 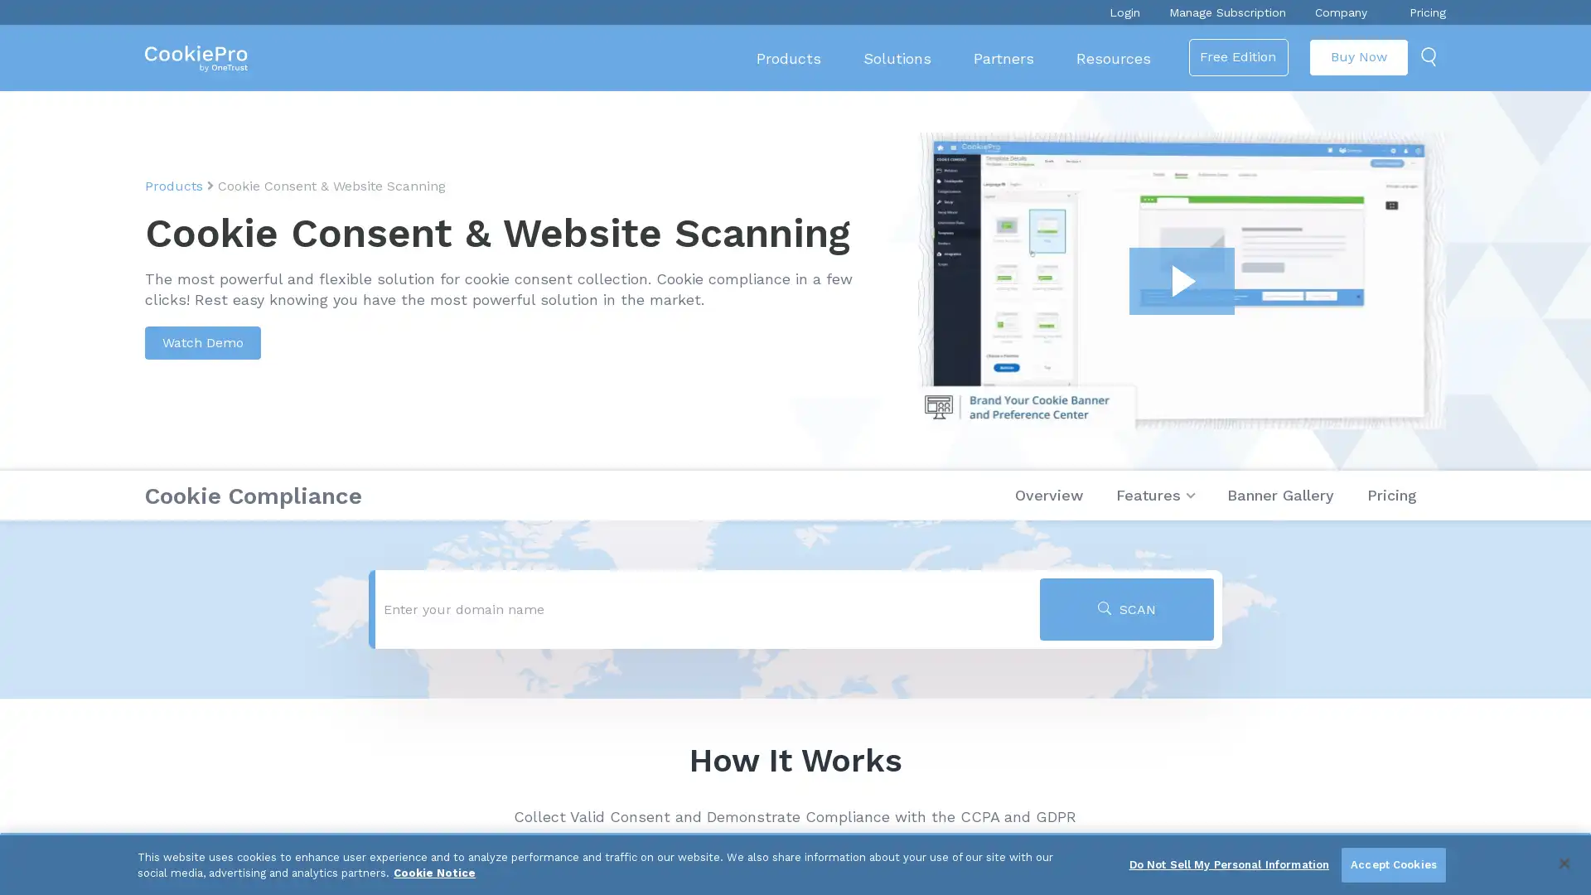 What do you see at coordinates (1126, 609) in the screenshot?
I see `USCAN` at bounding box center [1126, 609].